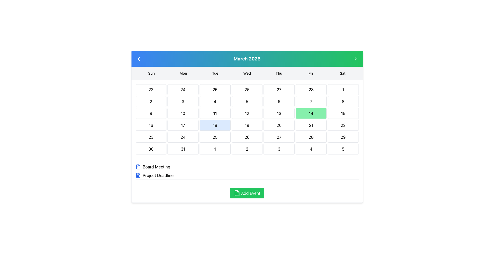 Image resolution: width=497 pixels, height=279 pixels. Describe the element at coordinates (215, 149) in the screenshot. I see `the button labeled '1' in the calendar interface located in the last row and the fourth column under the header 'Tue'` at that location.